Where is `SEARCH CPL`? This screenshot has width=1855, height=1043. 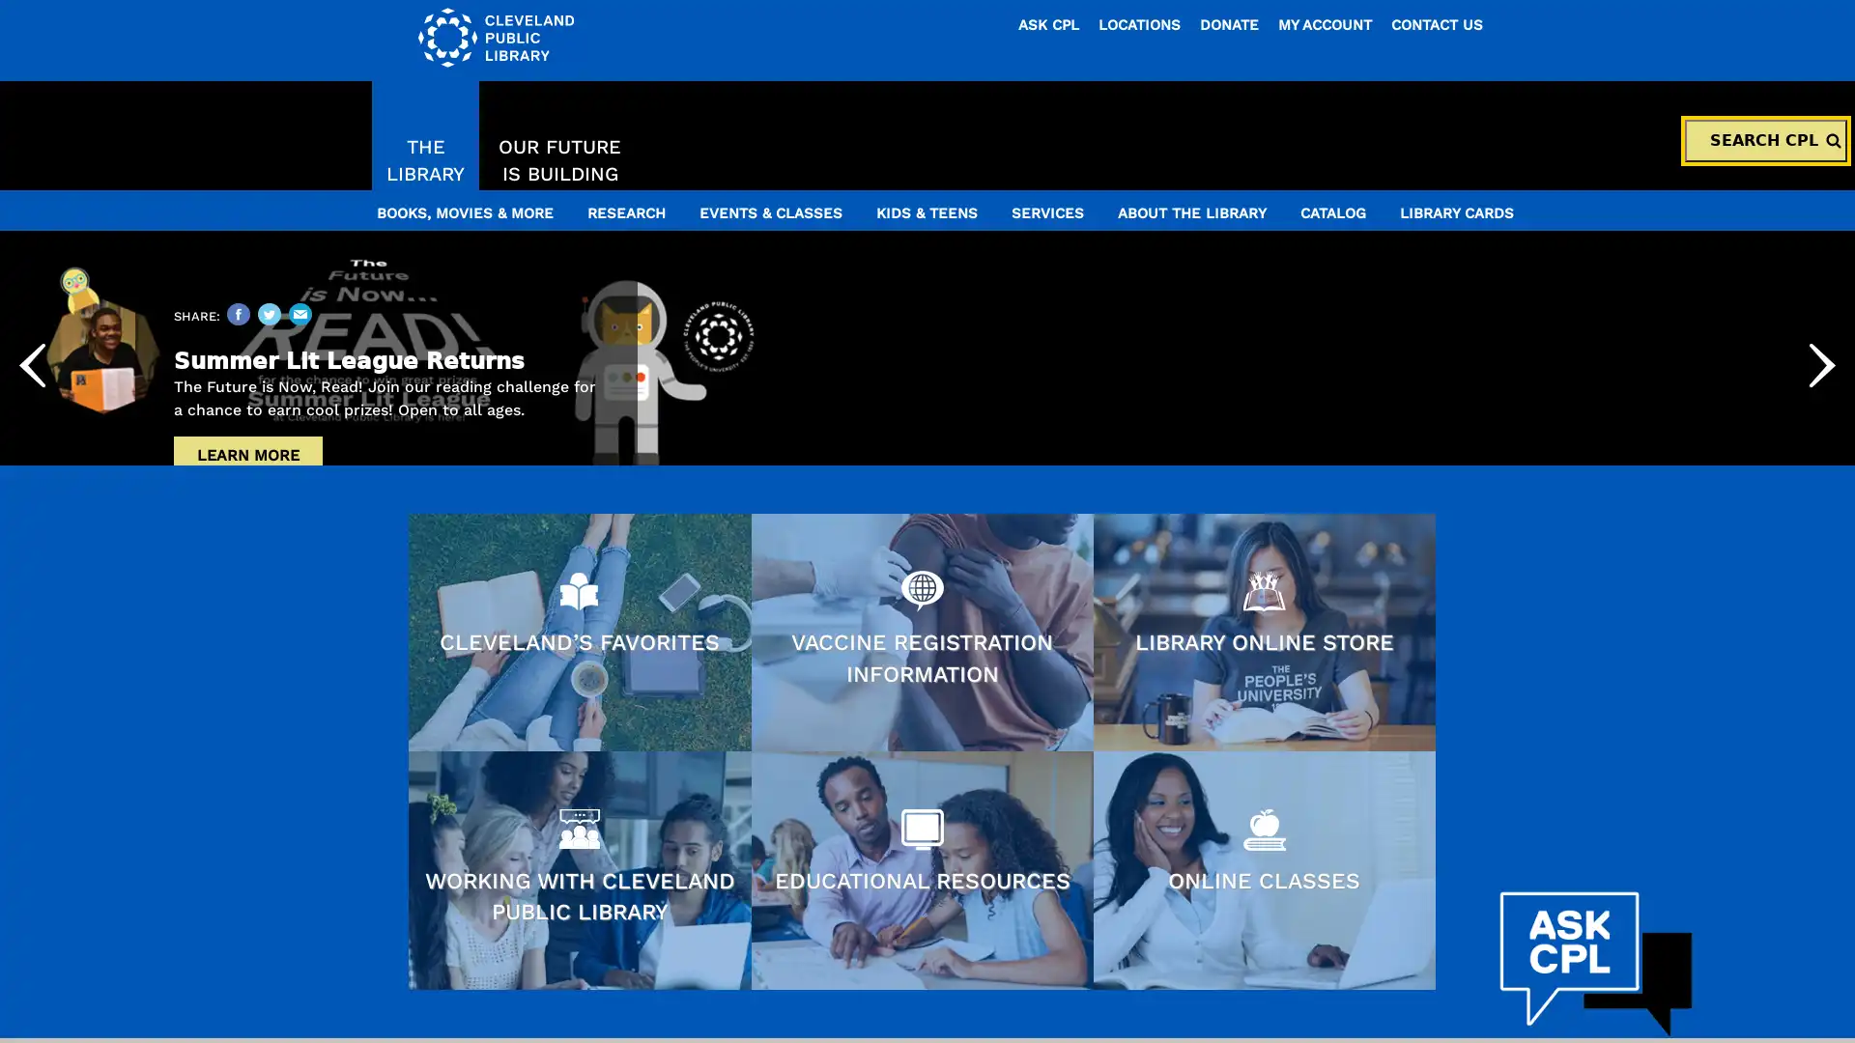 SEARCH CPL is located at coordinates (1766, 140).